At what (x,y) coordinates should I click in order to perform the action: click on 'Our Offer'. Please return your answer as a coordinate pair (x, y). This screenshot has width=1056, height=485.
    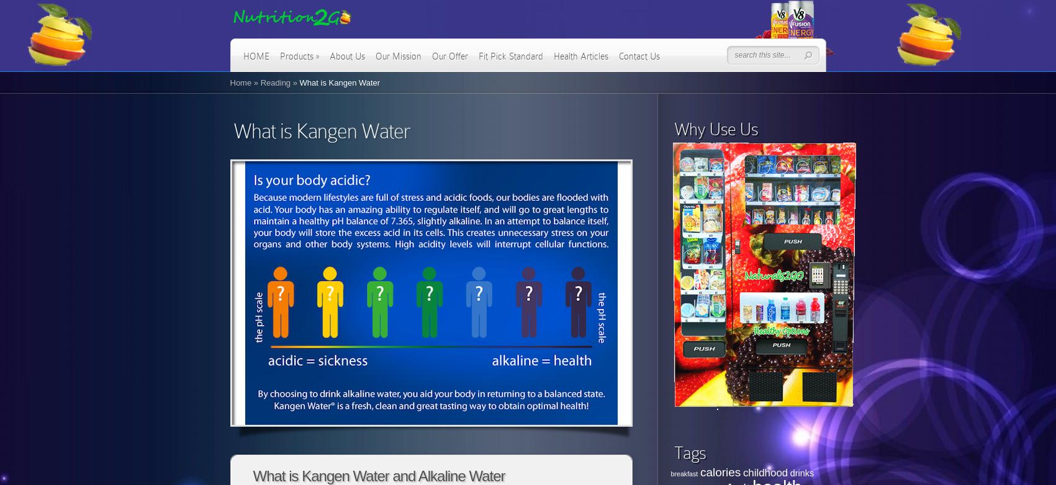
    Looking at the image, I should click on (431, 56).